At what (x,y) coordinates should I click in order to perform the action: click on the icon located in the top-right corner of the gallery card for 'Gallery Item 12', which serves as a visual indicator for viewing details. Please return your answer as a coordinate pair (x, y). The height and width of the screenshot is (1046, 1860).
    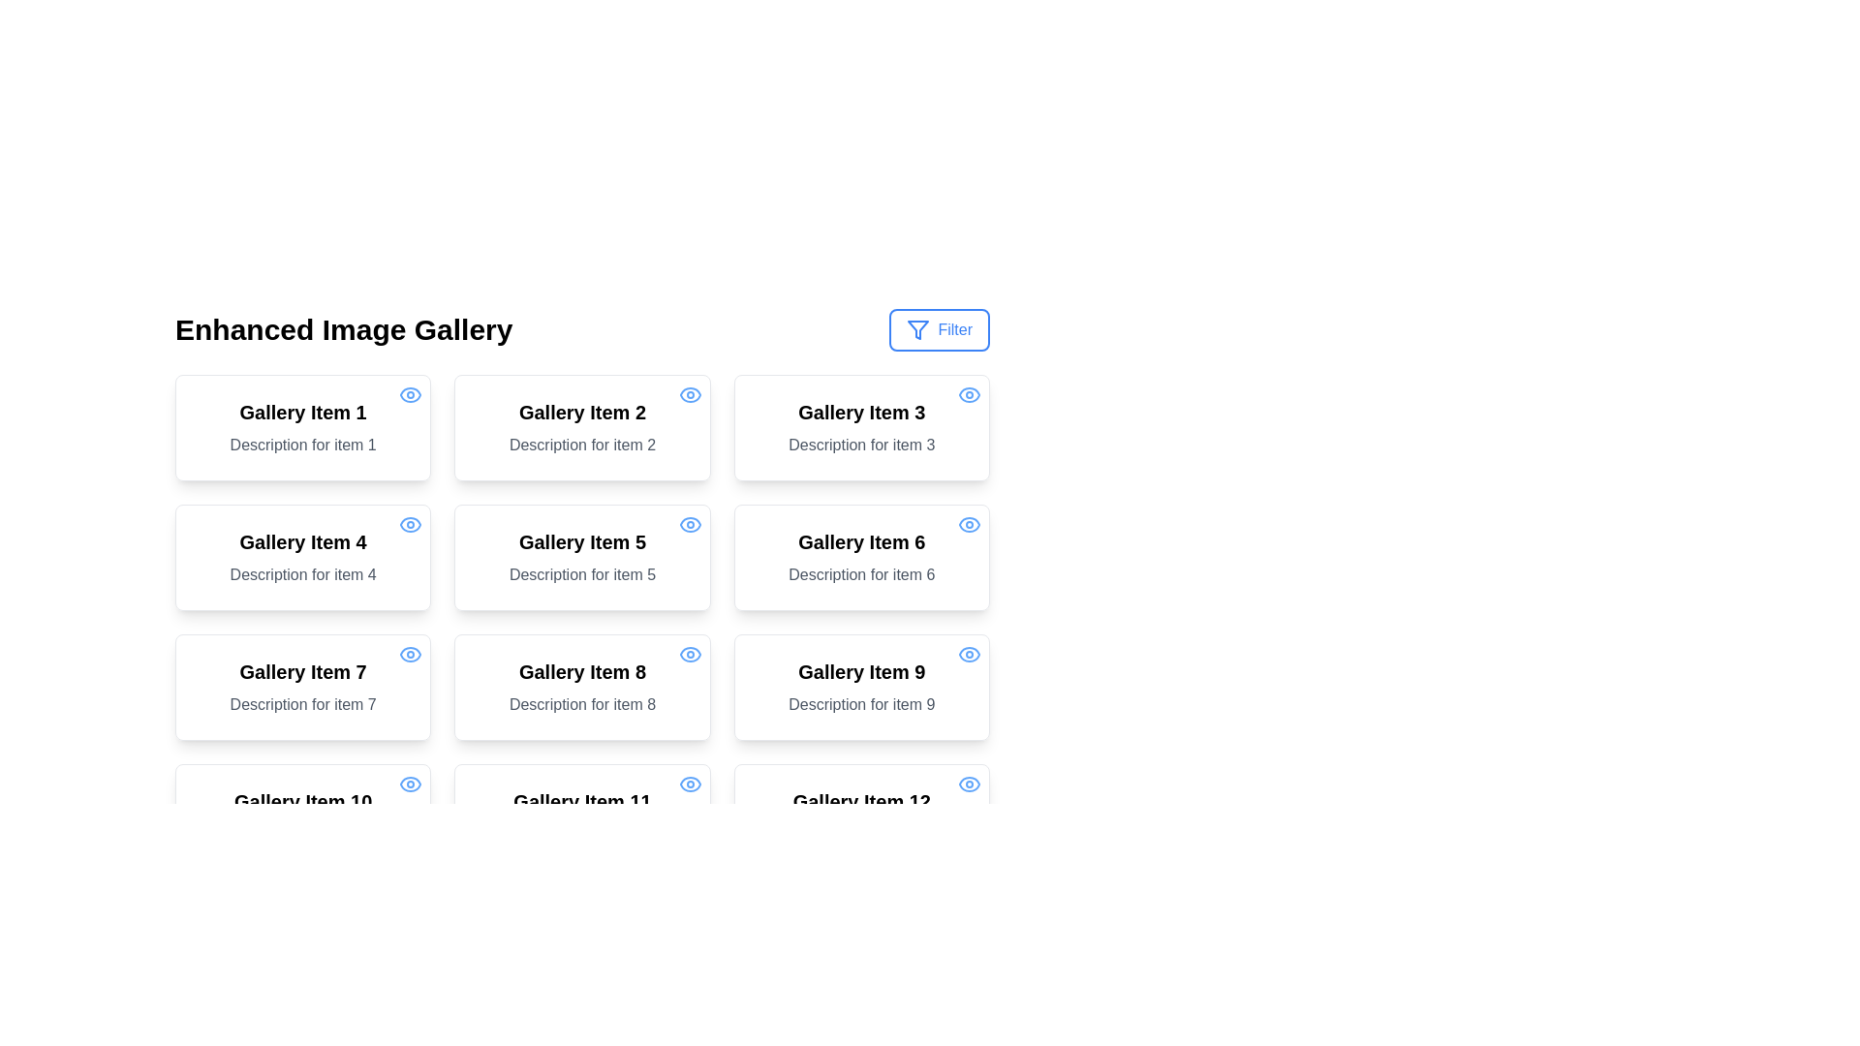
    Looking at the image, I should click on (970, 784).